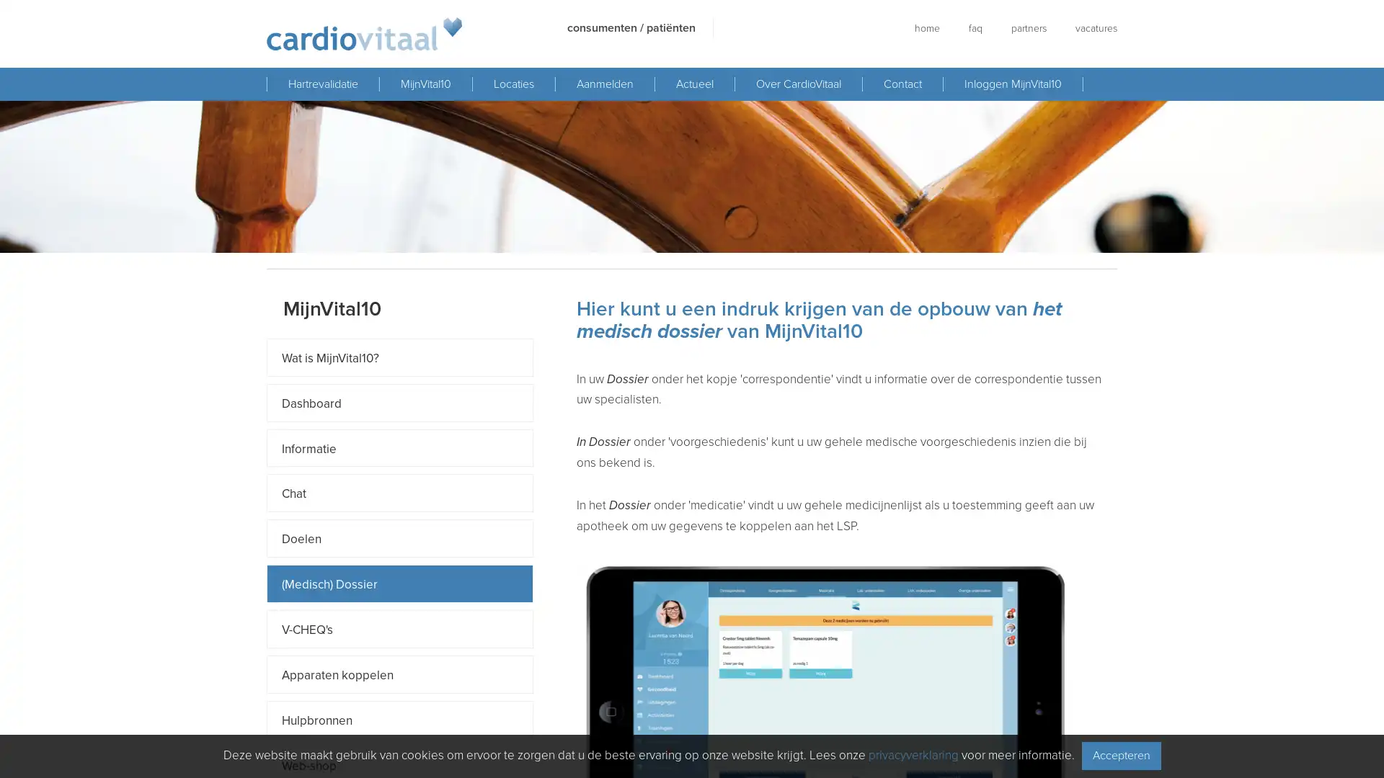 The width and height of the screenshot is (1384, 778). What do you see at coordinates (1120, 755) in the screenshot?
I see `Accepteren` at bounding box center [1120, 755].